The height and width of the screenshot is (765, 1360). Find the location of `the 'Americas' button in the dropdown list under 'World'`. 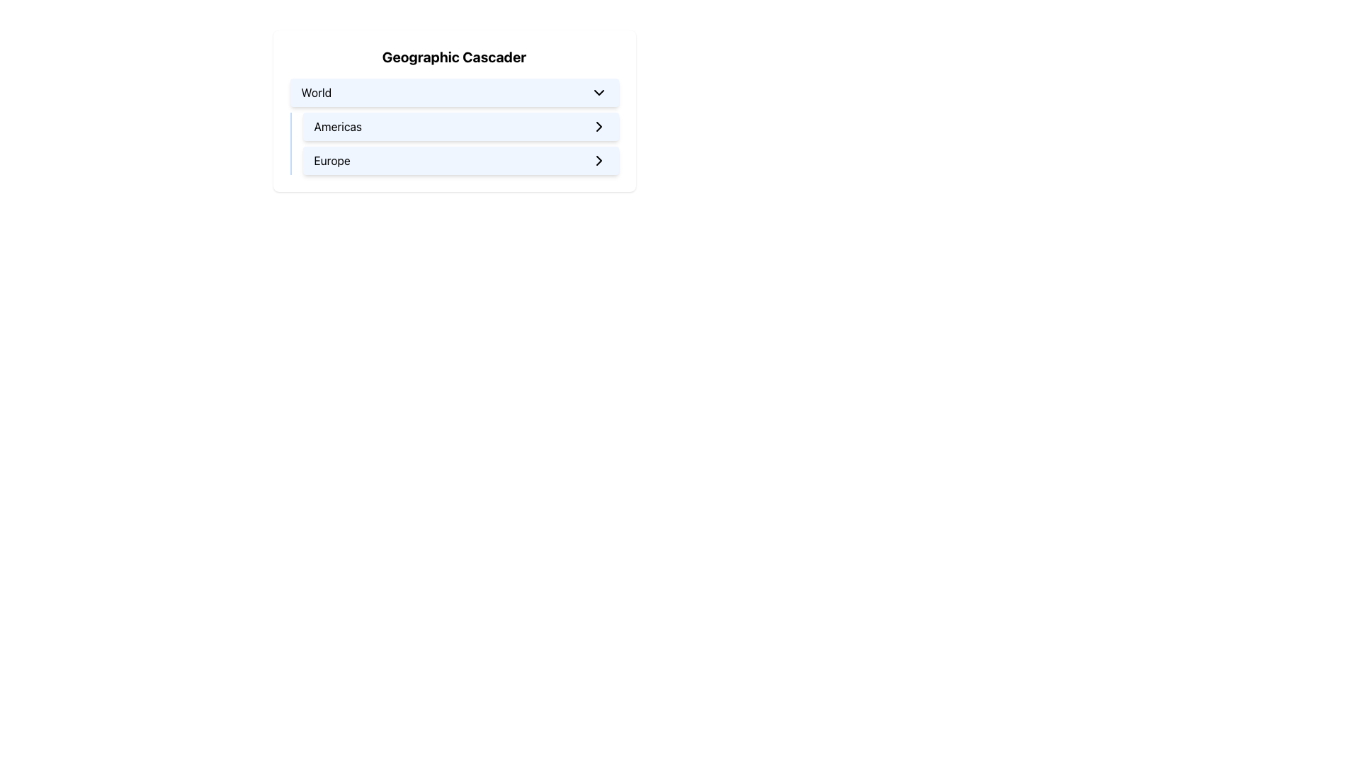

the 'Americas' button in the dropdown list under 'World' is located at coordinates (460, 125).